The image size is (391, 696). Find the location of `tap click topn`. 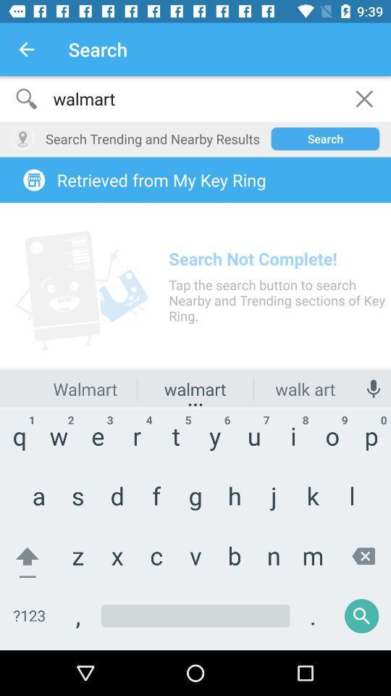

tap click topn is located at coordinates (195, 362).